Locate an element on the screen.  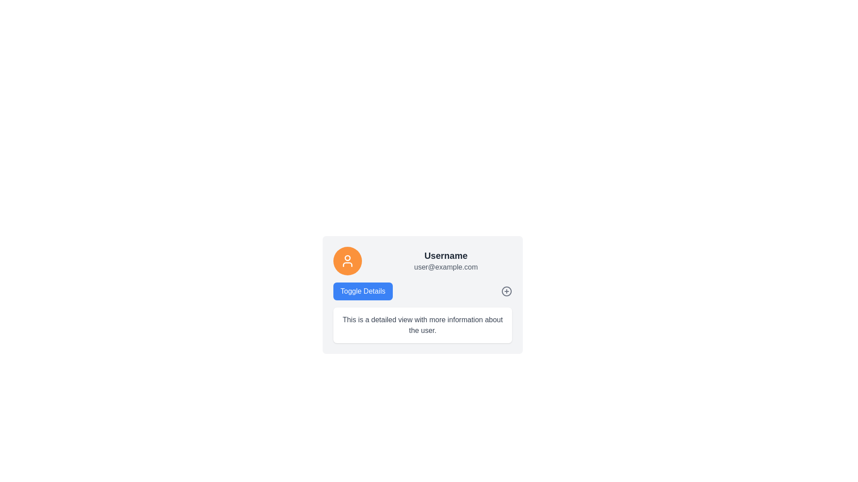
the SVG circular element representing the user profile icon located at the center of the icon in the user profile section is located at coordinates (347, 258).